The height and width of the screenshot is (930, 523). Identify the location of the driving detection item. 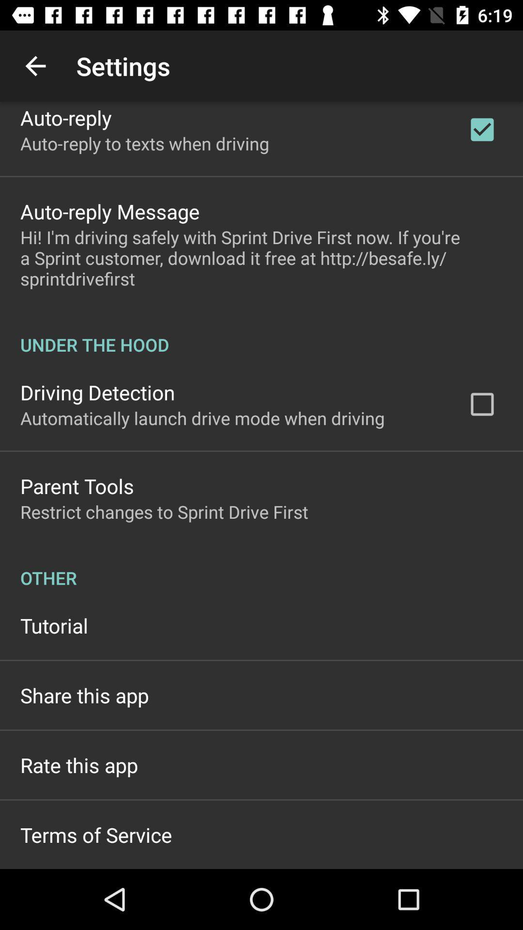
(97, 392).